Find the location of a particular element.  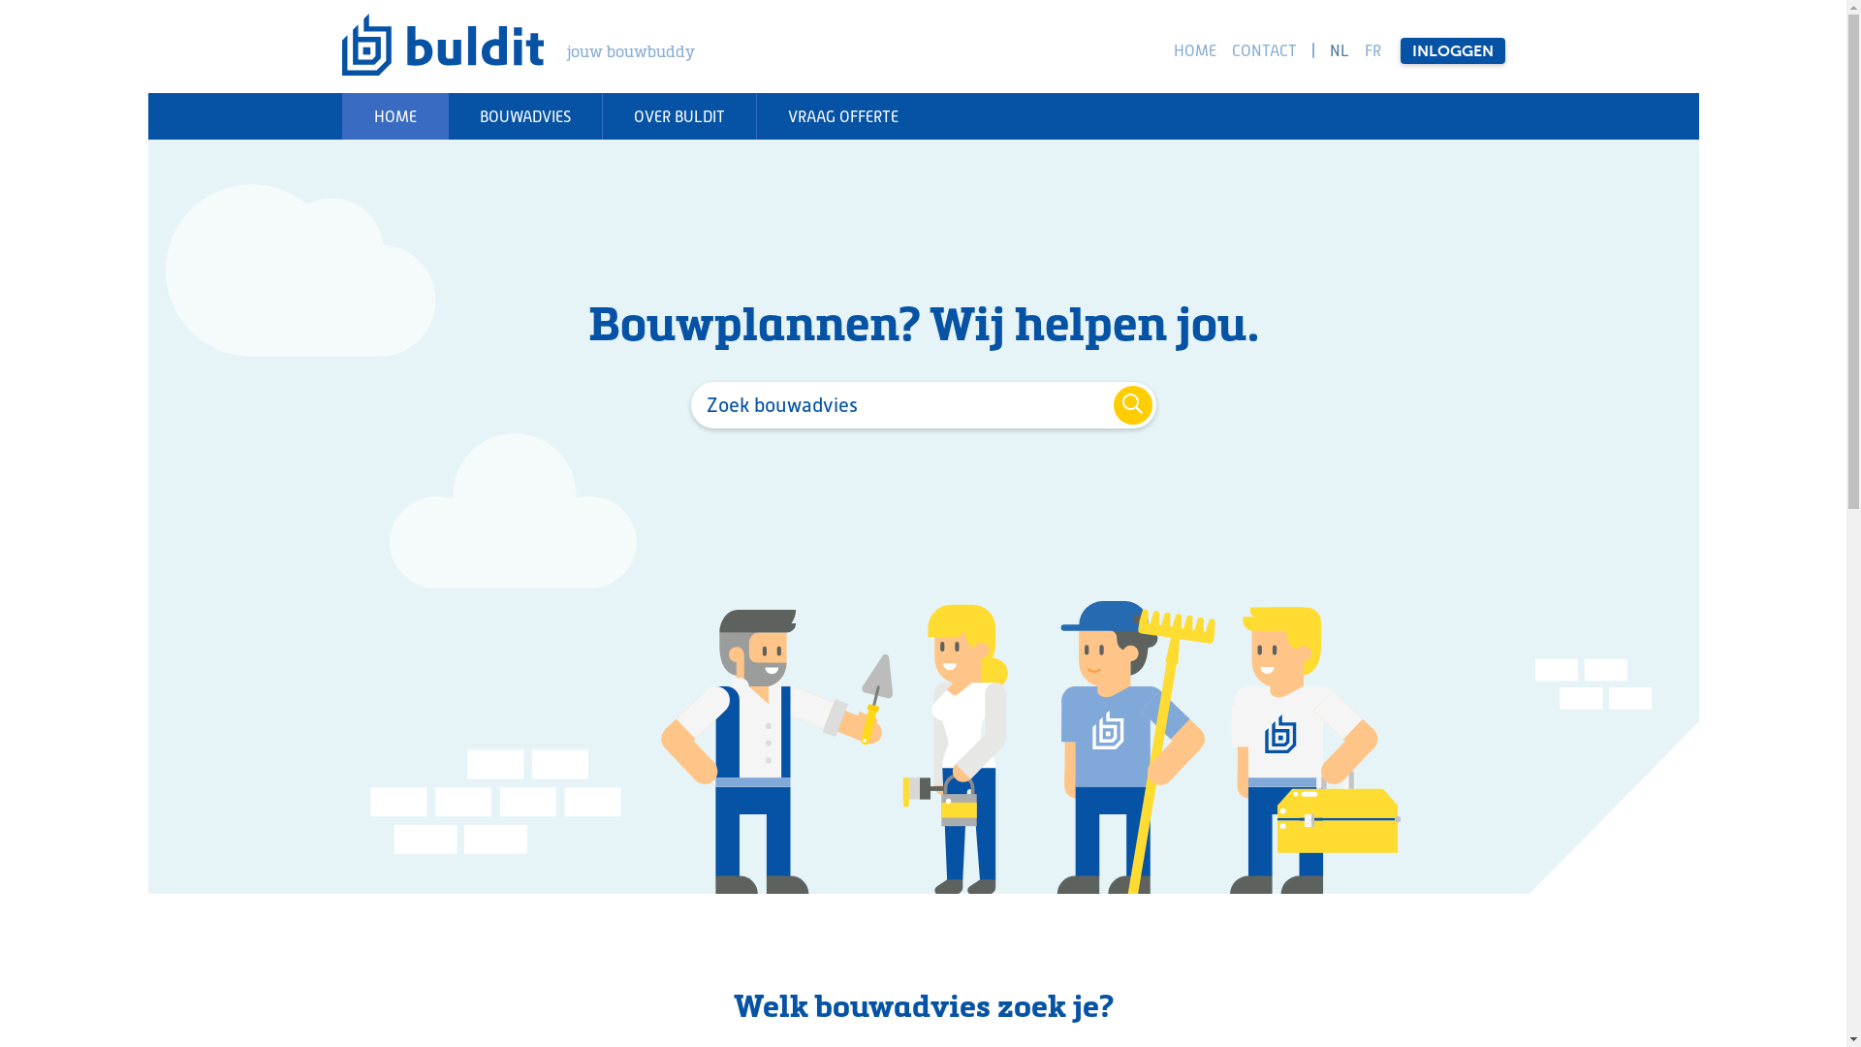

'INLOGGEN' is located at coordinates (1451, 48).